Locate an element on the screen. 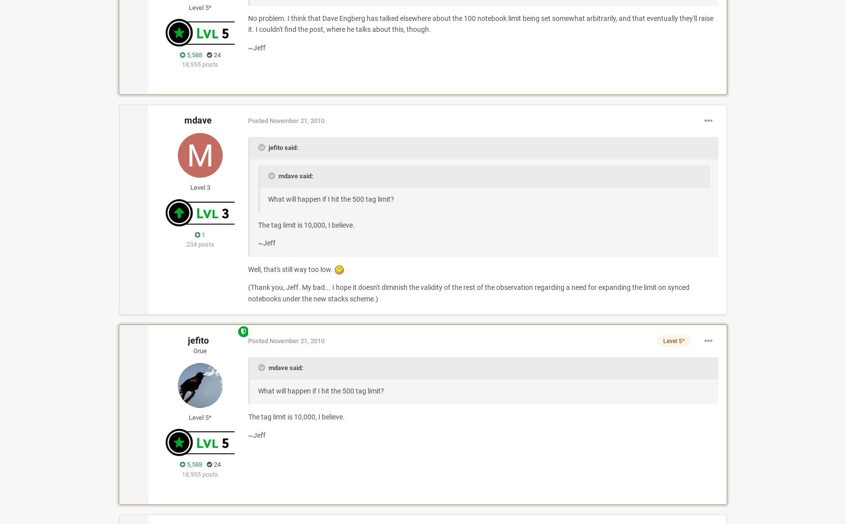 The image size is (846, 524). 'Well, that's still way too low.' is located at coordinates (290, 268).